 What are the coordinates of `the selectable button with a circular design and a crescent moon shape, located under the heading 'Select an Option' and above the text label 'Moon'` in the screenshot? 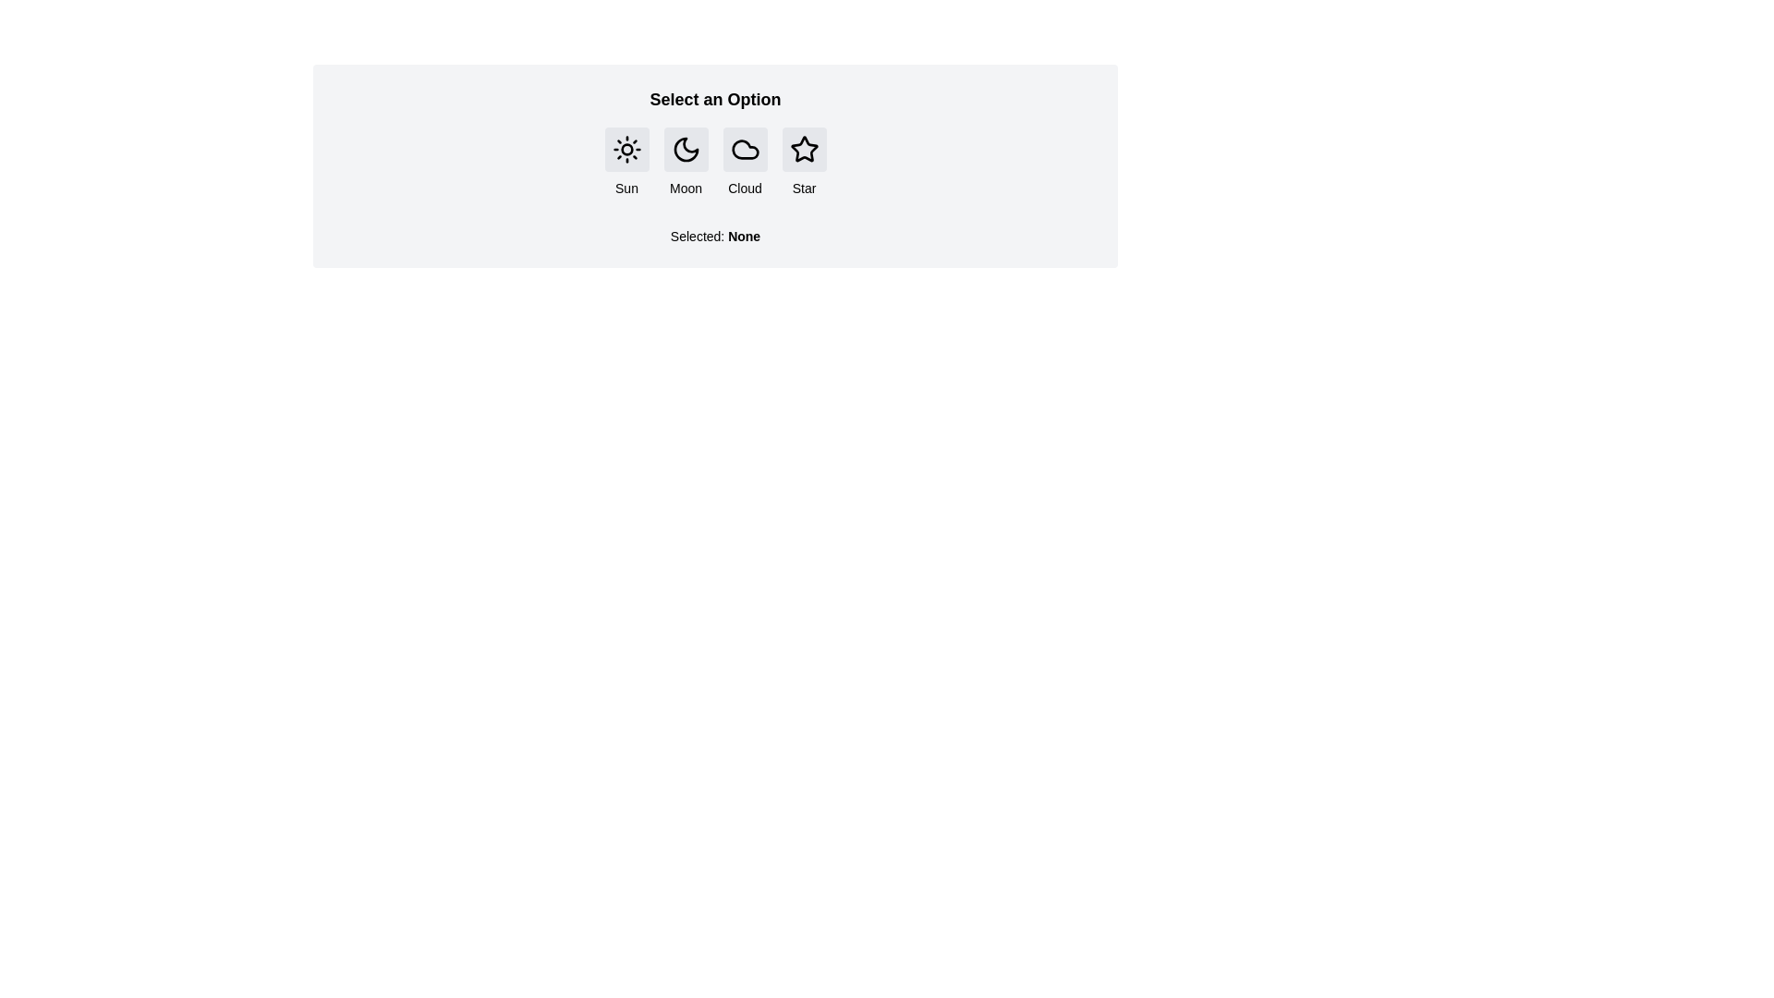 It's located at (685, 149).